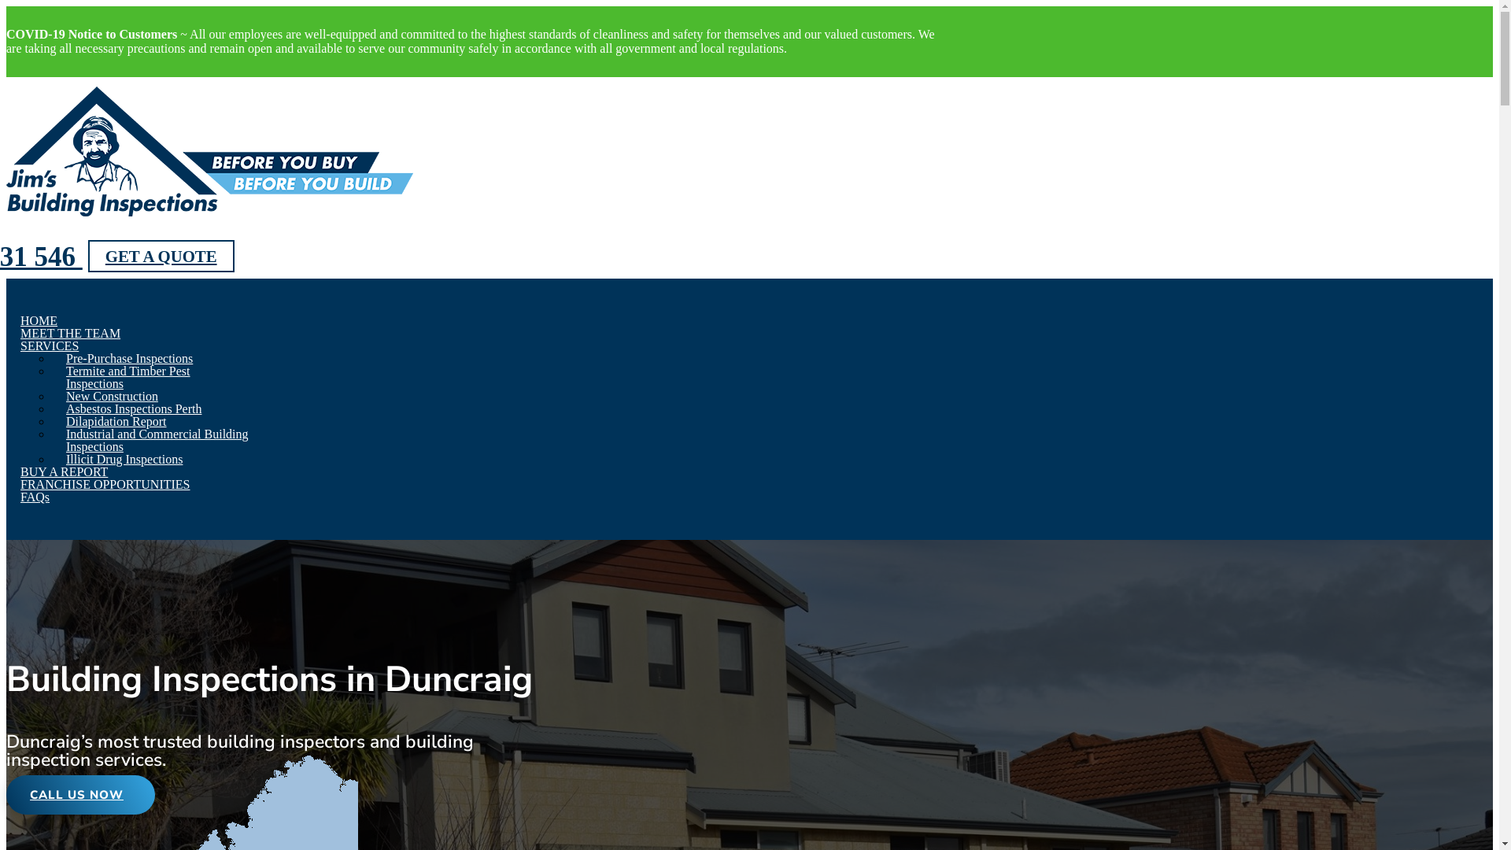  Describe the element at coordinates (116, 420) in the screenshot. I see `'Dilapidation Report'` at that location.